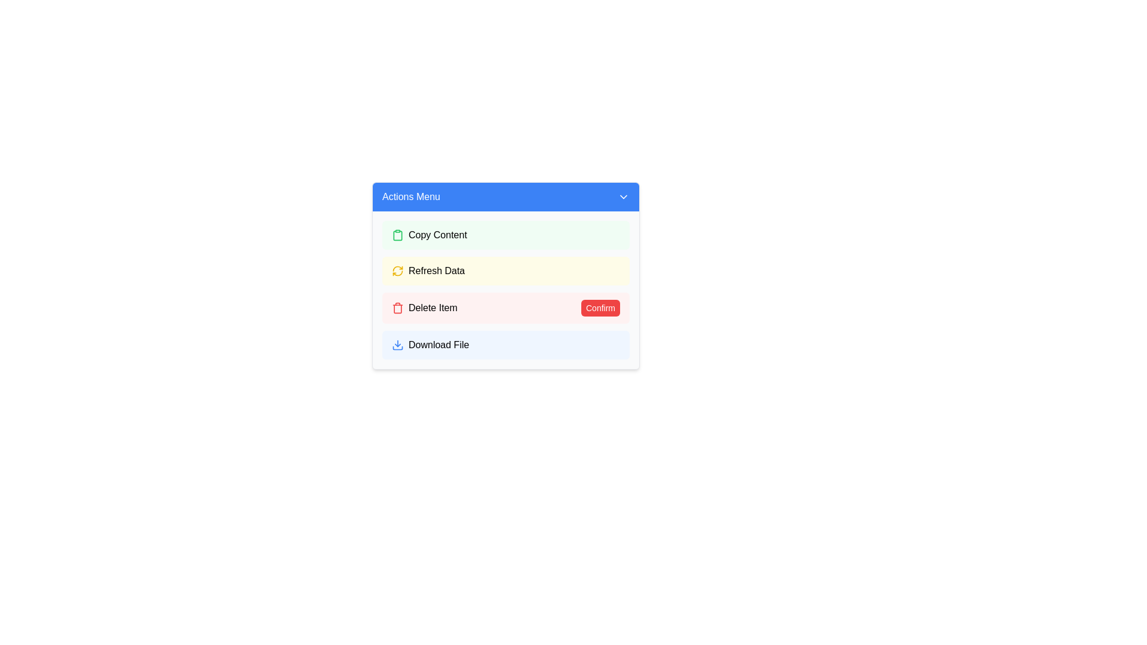 The image size is (1147, 645). What do you see at coordinates (432, 308) in the screenshot?
I see `the 'Delete Item' text label located in the red-highlighted section of the menu, positioned between the trash icon and the 'Confirm' button` at bounding box center [432, 308].